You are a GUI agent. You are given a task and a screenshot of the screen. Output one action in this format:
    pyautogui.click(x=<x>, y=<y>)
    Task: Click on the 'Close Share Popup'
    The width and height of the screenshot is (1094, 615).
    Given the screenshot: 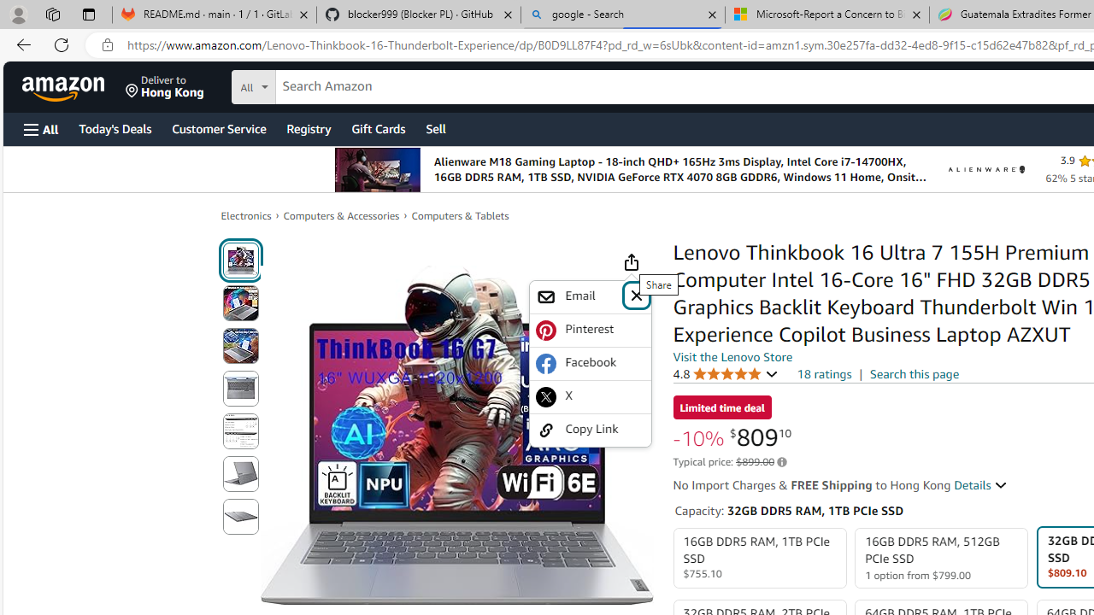 What is the action you would take?
    pyautogui.click(x=635, y=294)
    